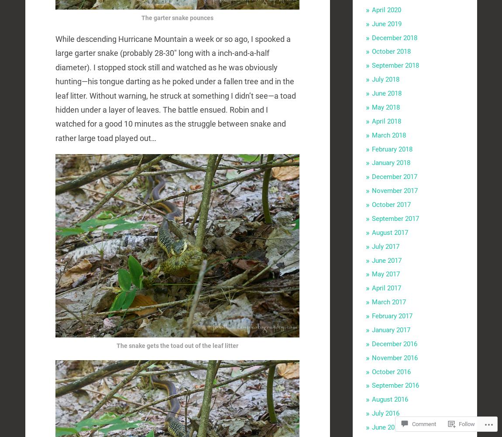 This screenshot has width=502, height=437. I want to click on 'December 2018', so click(371, 37).